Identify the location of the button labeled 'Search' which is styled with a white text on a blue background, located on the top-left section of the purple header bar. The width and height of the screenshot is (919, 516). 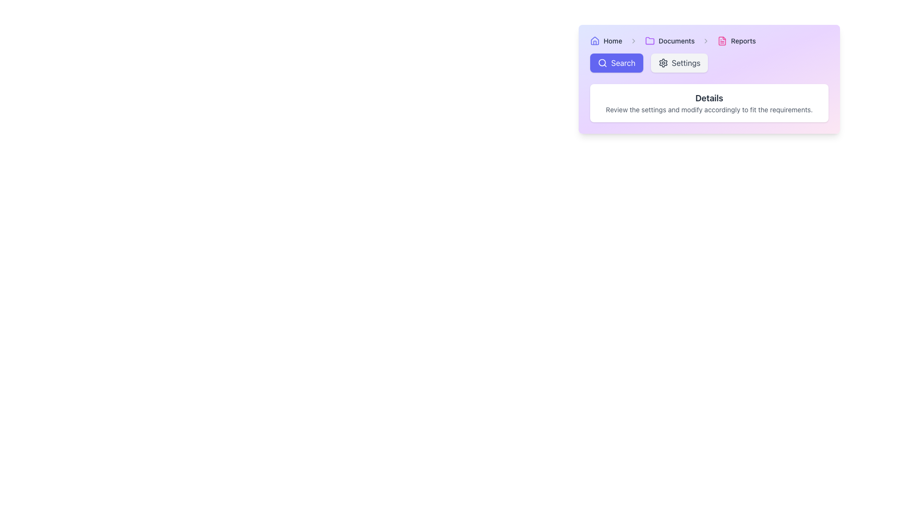
(623, 63).